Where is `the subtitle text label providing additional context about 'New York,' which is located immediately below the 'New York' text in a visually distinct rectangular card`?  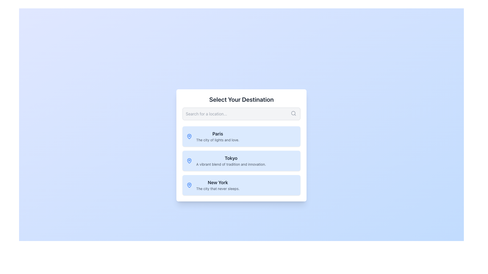 the subtitle text label providing additional context about 'New York,' which is located immediately below the 'New York' text in a visually distinct rectangular card is located at coordinates (218, 189).